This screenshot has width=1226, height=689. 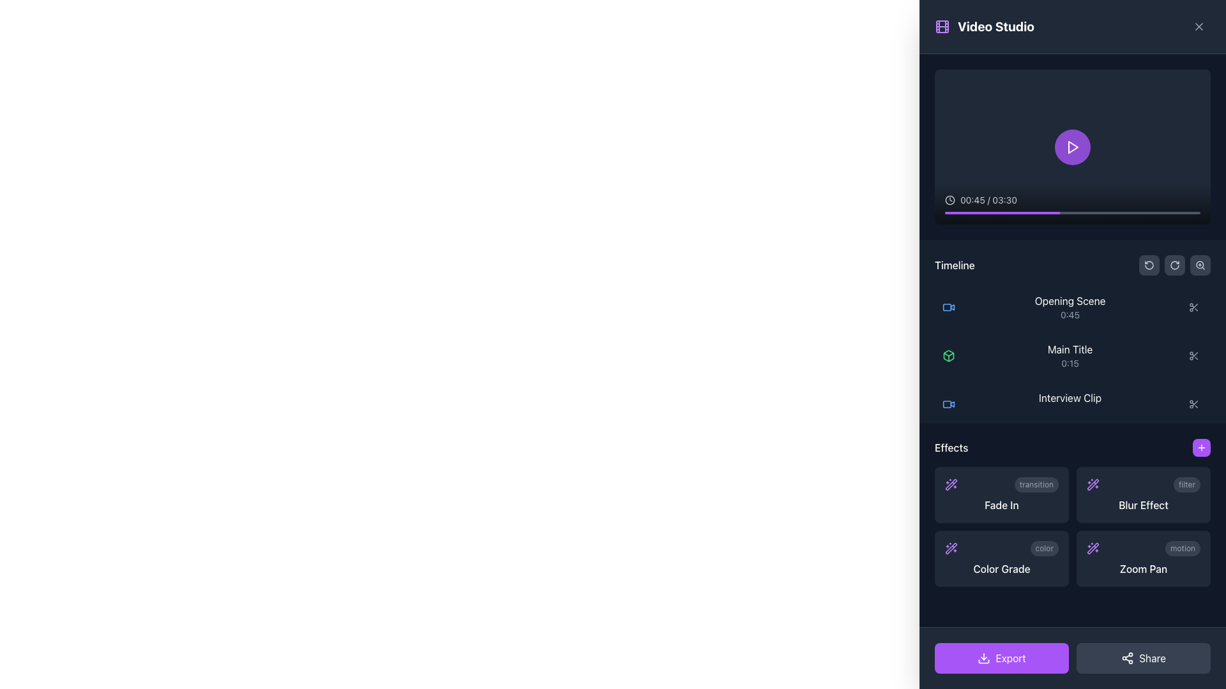 I want to click on the 'Interview Clip' label which is the third item in the timeline list of the video editing interface, so click(x=1070, y=404).